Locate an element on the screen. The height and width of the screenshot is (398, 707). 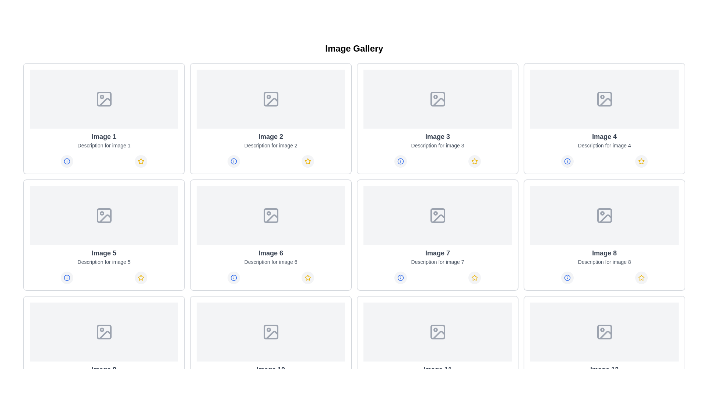
the circular outline of the information icon, which is the first icon below the 'Image 3' card in the gallery is located at coordinates (400, 161).